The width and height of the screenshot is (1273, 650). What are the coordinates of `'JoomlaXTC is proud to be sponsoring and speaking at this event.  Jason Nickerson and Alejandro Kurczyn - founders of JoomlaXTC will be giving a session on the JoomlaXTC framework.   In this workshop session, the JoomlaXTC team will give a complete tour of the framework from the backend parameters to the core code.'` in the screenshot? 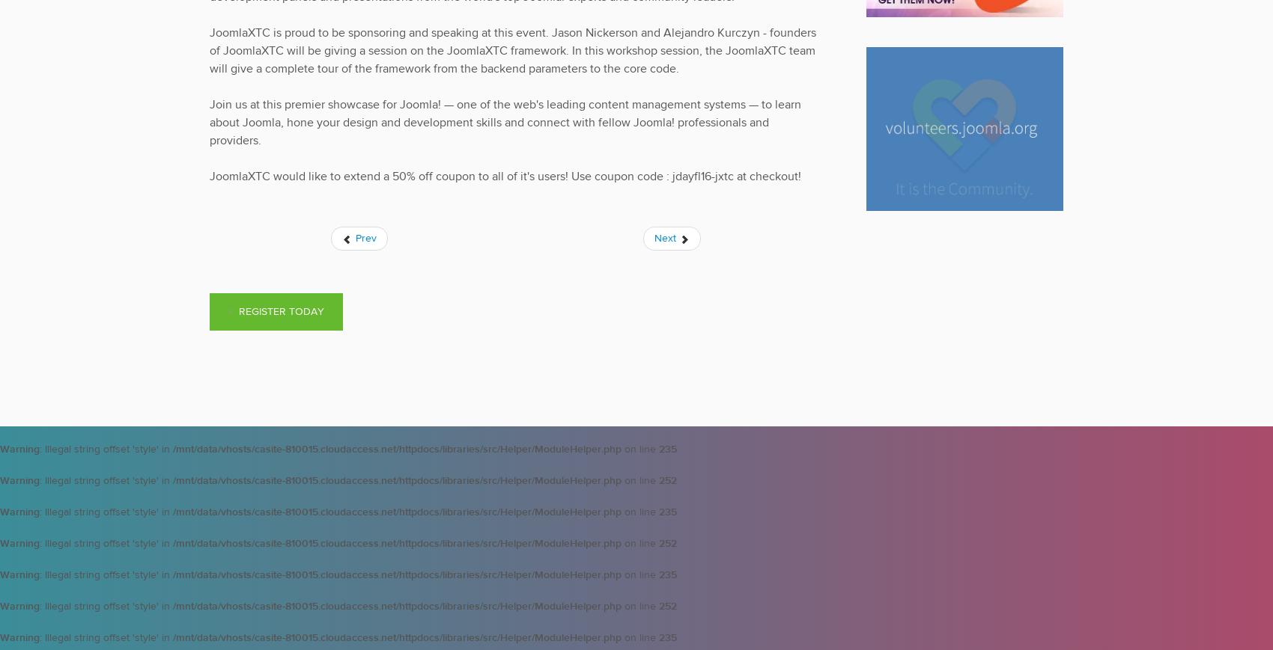 It's located at (512, 50).